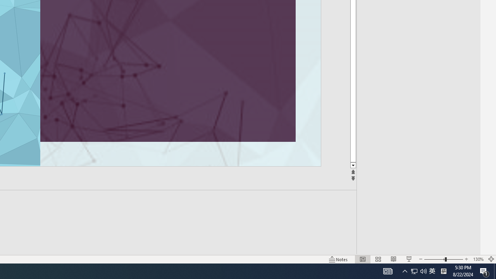 The width and height of the screenshot is (496, 279). What do you see at coordinates (353, 165) in the screenshot?
I see `'Line down'` at bounding box center [353, 165].